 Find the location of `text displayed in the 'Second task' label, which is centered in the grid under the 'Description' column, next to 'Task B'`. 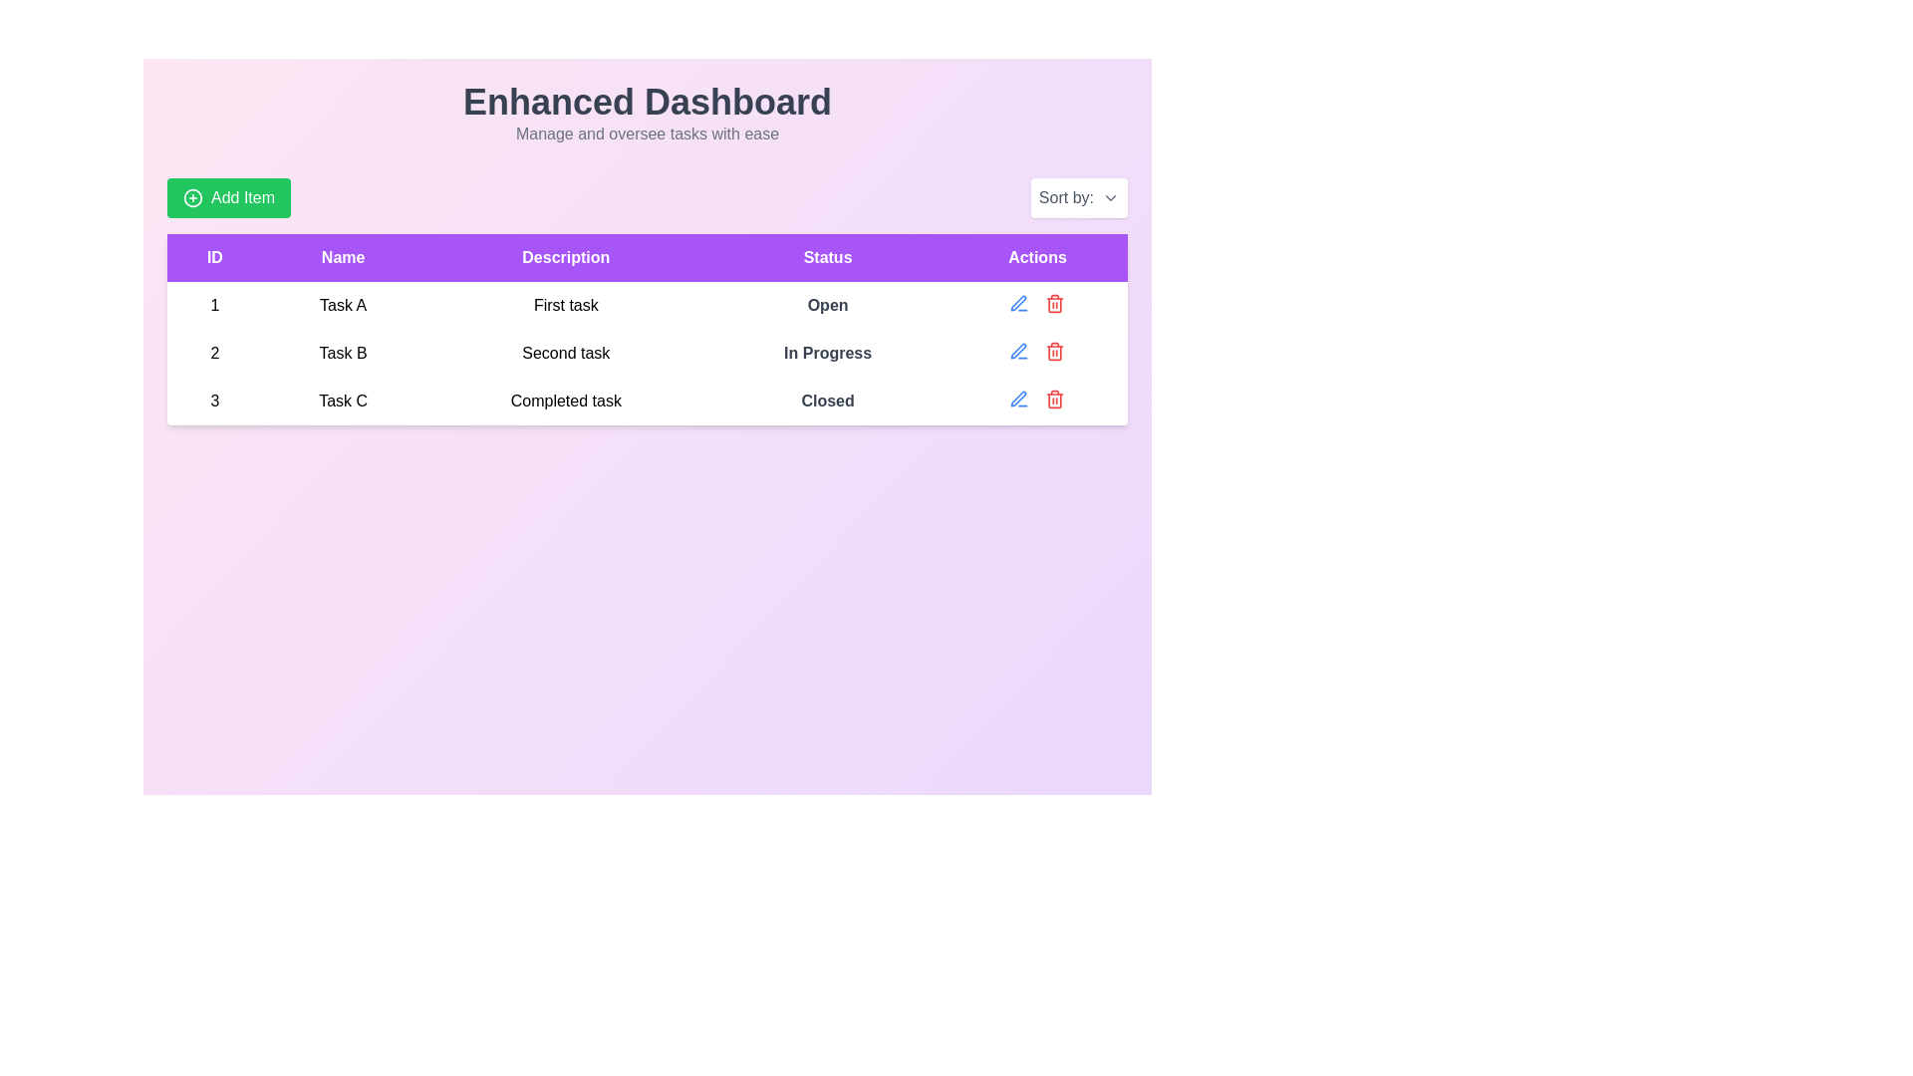

text displayed in the 'Second task' label, which is centered in the grid under the 'Description' column, next to 'Task B' is located at coordinates (565, 352).